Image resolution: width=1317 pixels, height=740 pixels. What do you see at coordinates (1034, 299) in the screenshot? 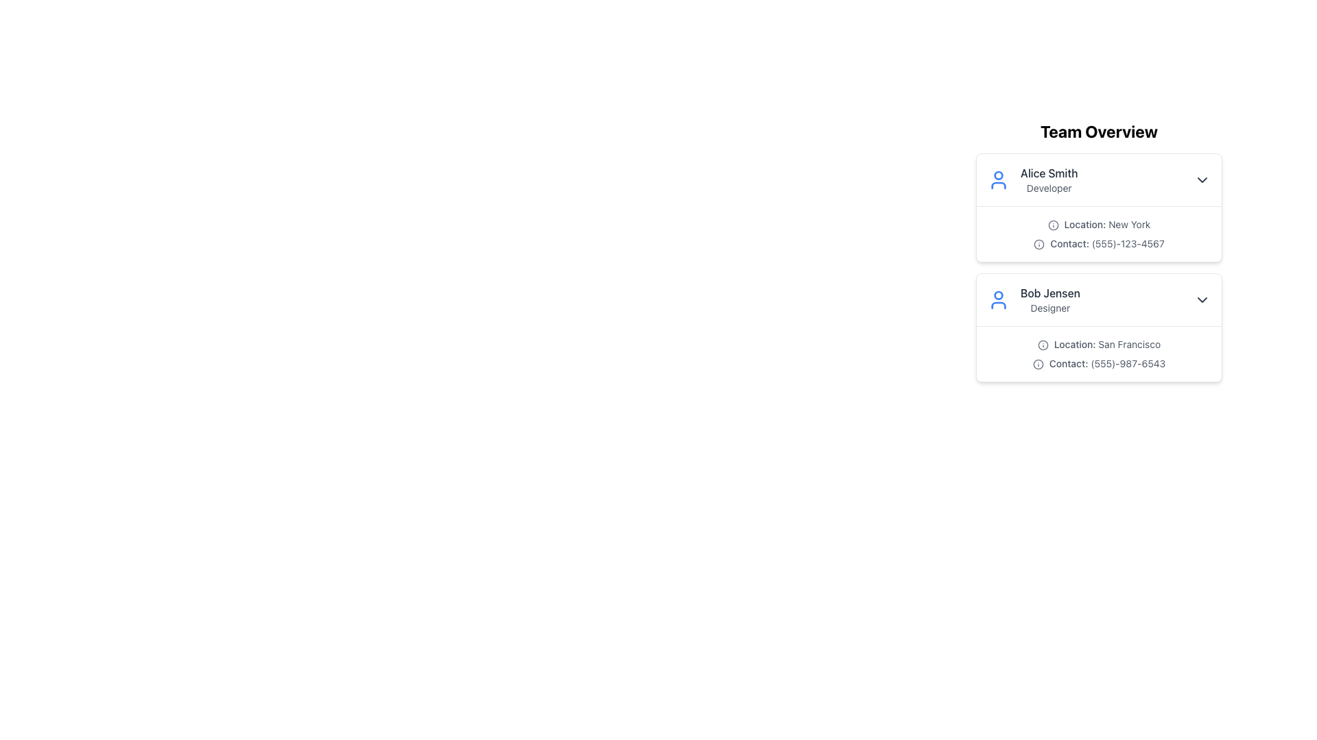
I see `the user's profile display card, which shows their name and role, located in the second position under the 'Team Overview' header` at bounding box center [1034, 299].